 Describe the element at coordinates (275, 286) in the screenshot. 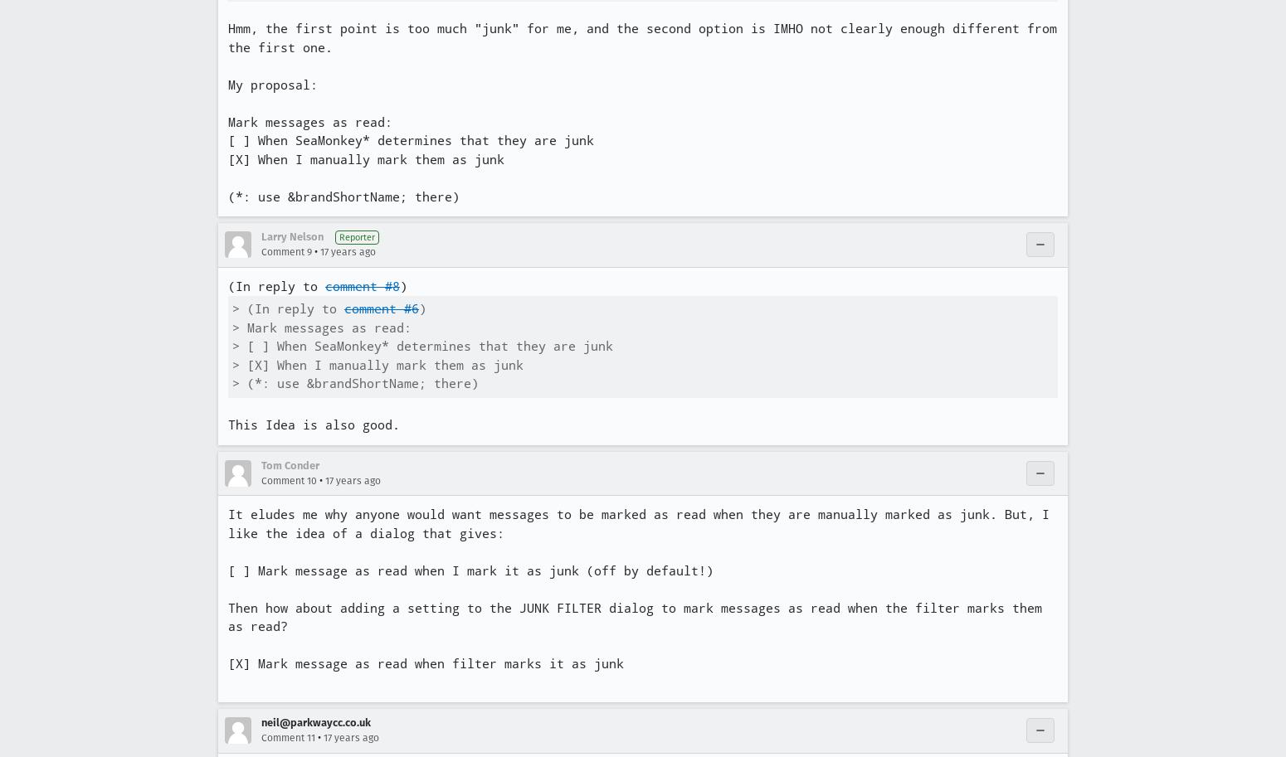

I see `'(In reply to'` at that location.